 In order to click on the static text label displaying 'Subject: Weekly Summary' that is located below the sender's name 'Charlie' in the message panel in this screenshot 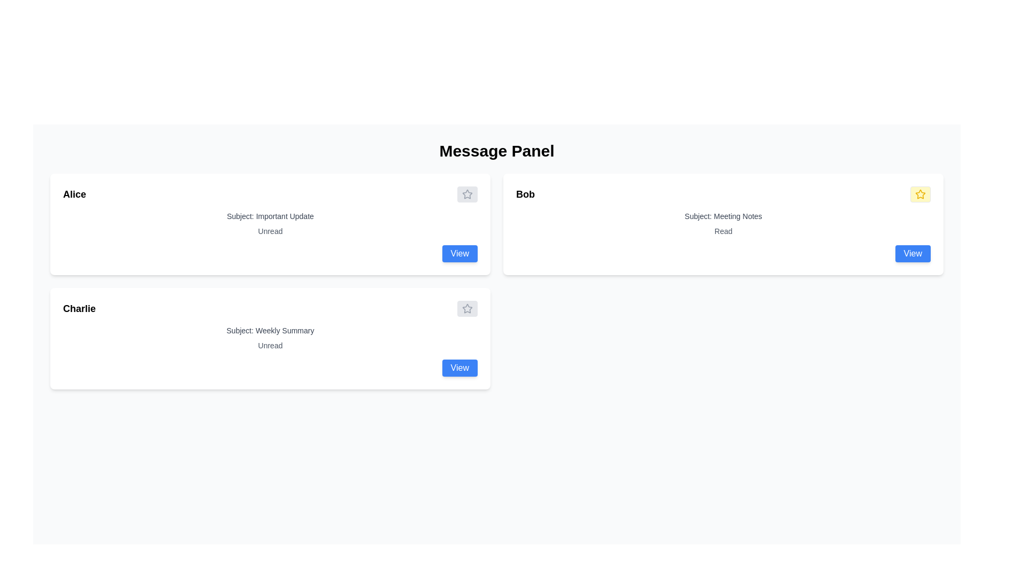, I will do `click(270, 330)`.